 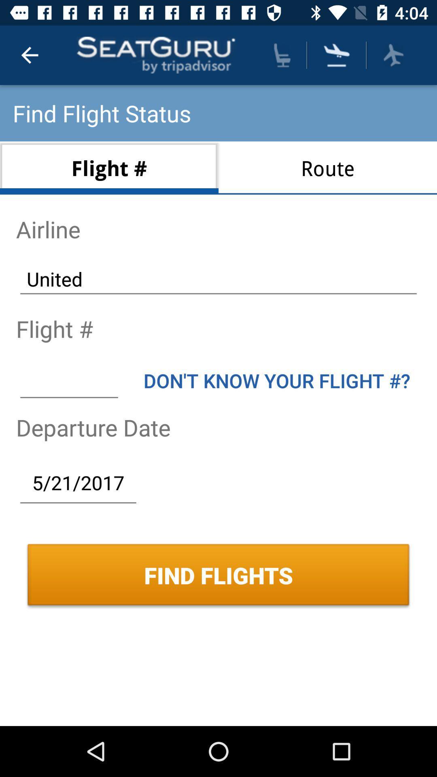 I want to click on the icon above the find flights icon, so click(x=78, y=482).